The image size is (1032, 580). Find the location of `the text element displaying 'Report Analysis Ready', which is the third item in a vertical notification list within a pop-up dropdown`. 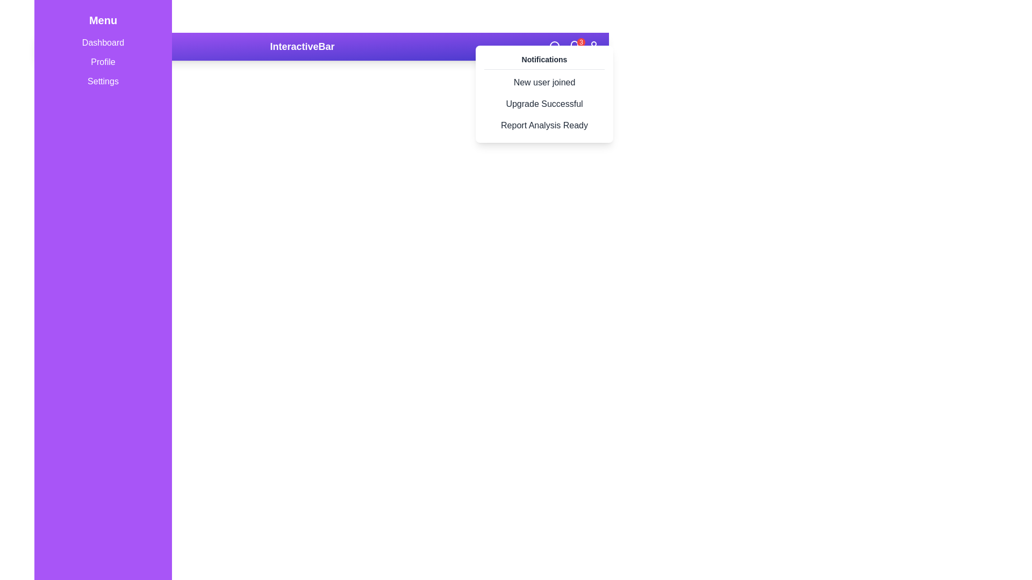

the text element displaying 'Report Analysis Ready', which is the third item in a vertical notification list within a pop-up dropdown is located at coordinates (544, 125).